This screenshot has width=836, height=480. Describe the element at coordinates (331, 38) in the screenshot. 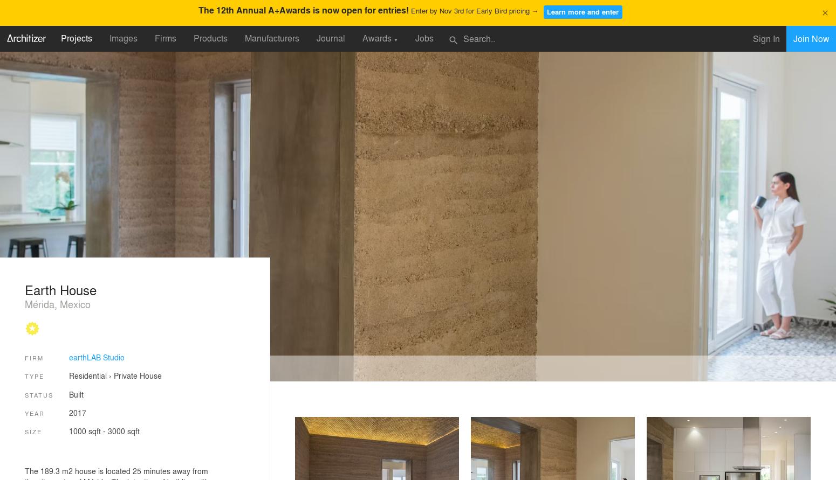

I see `'Journal'` at that location.